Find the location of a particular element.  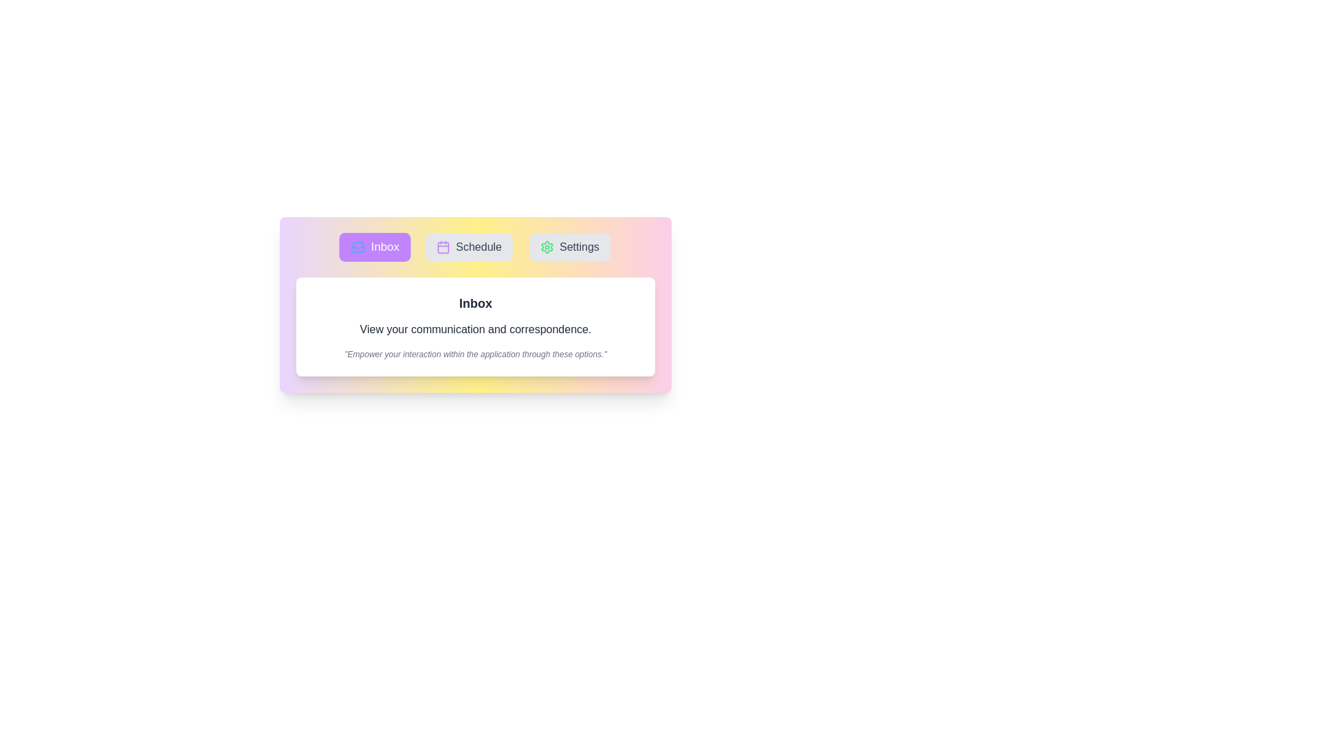

the Schedule tab to switch its content is located at coordinates (469, 246).